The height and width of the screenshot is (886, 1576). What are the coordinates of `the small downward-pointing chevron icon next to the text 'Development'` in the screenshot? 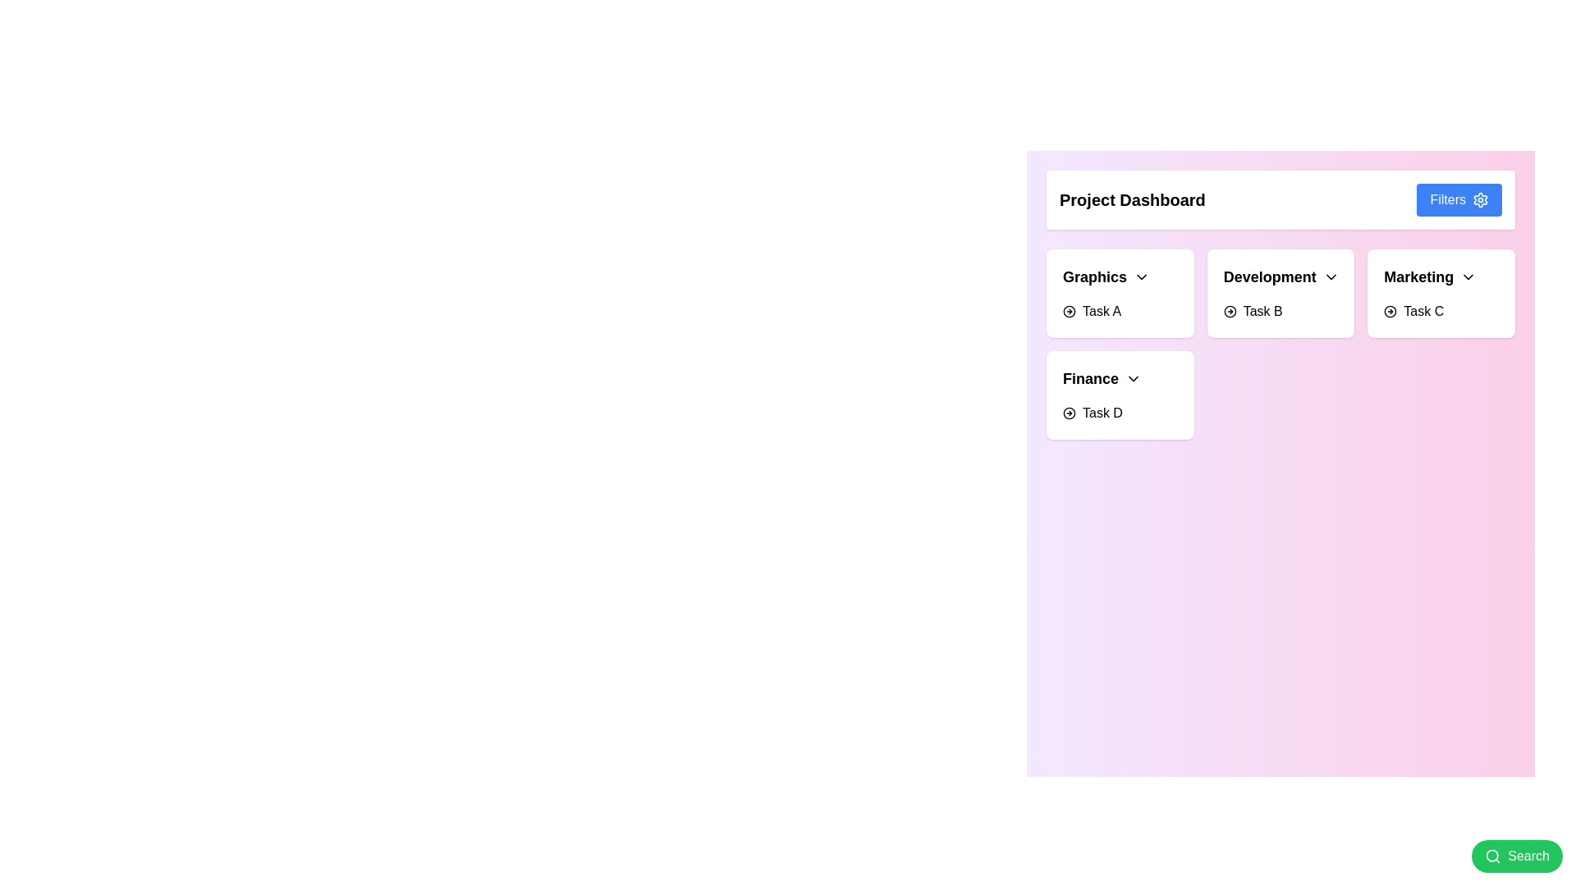 It's located at (1331, 276).